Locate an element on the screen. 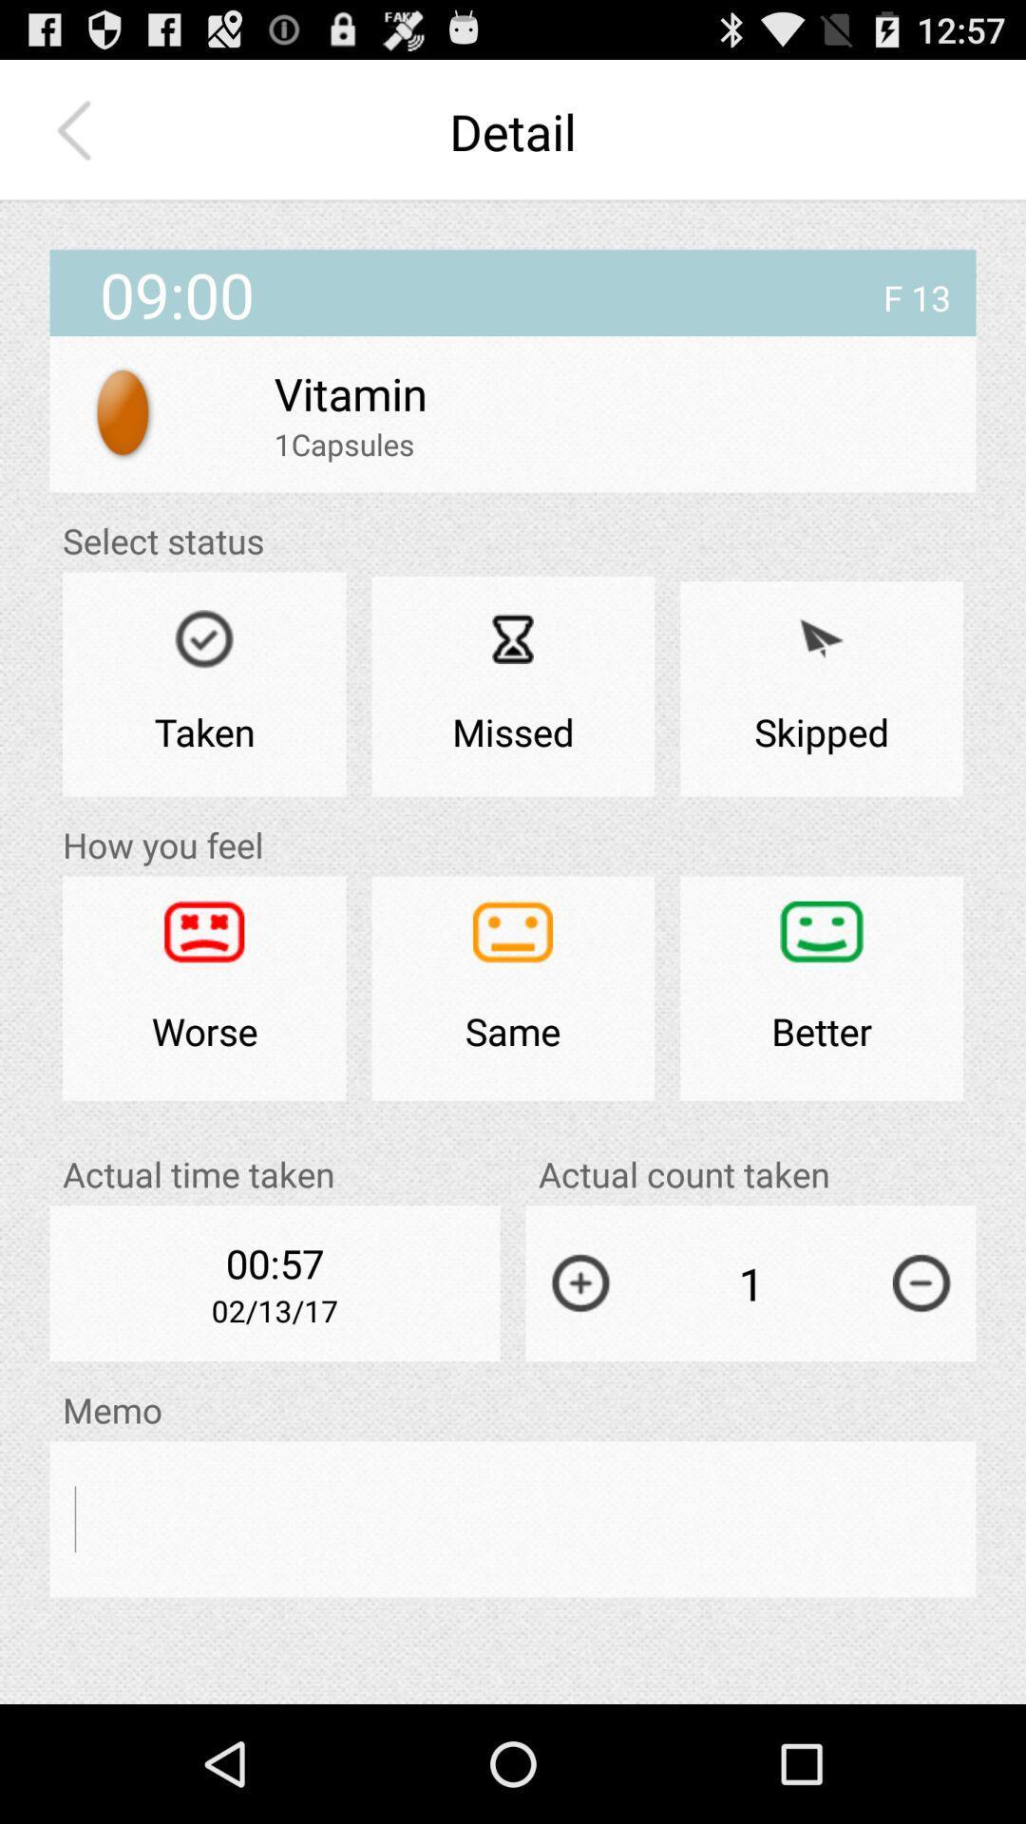 The image size is (1026, 1824). the item below the how you feel icon is located at coordinates (204, 988).